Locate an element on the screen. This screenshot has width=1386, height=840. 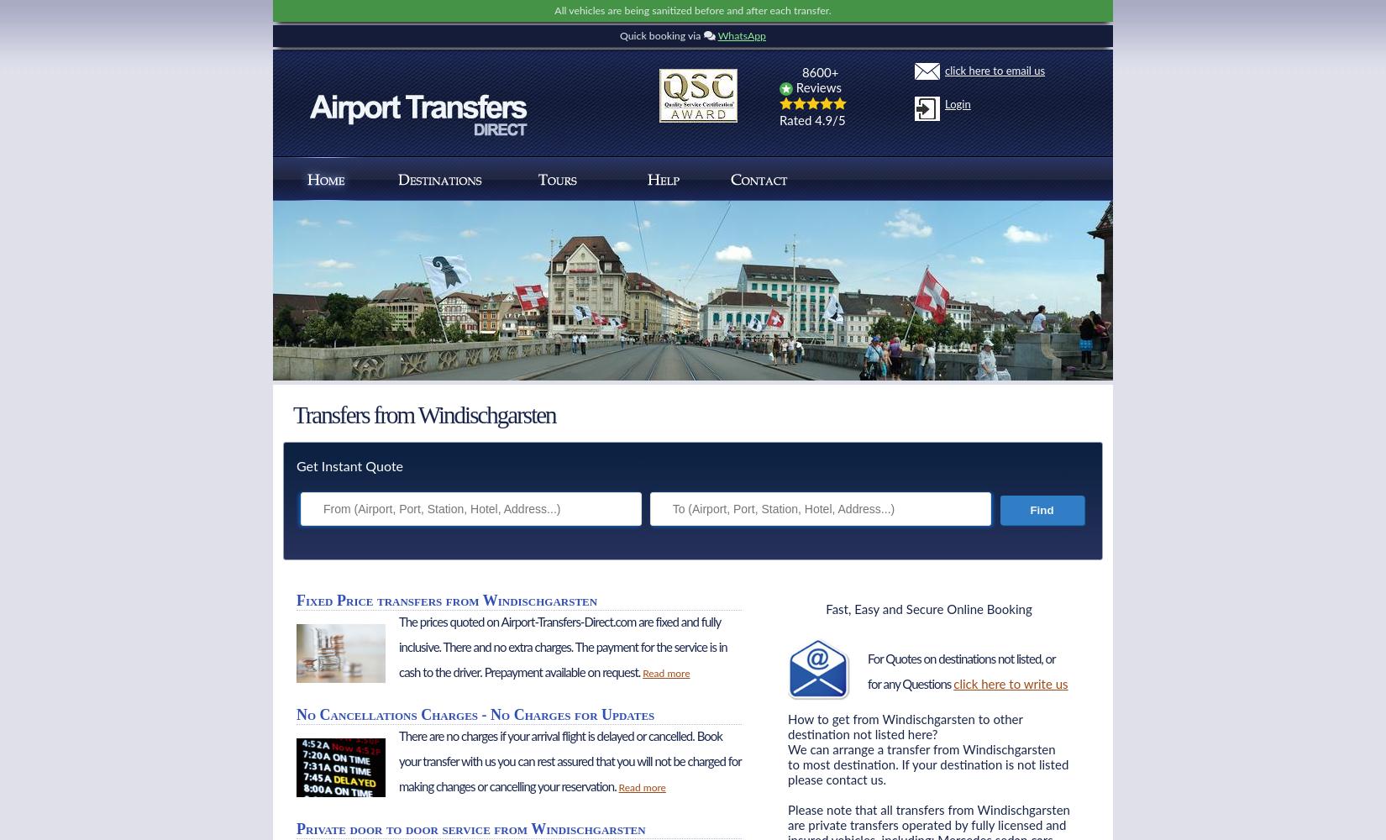
'Fast, Easy and Secure Online Booking' is located at coordinates (826, 609).